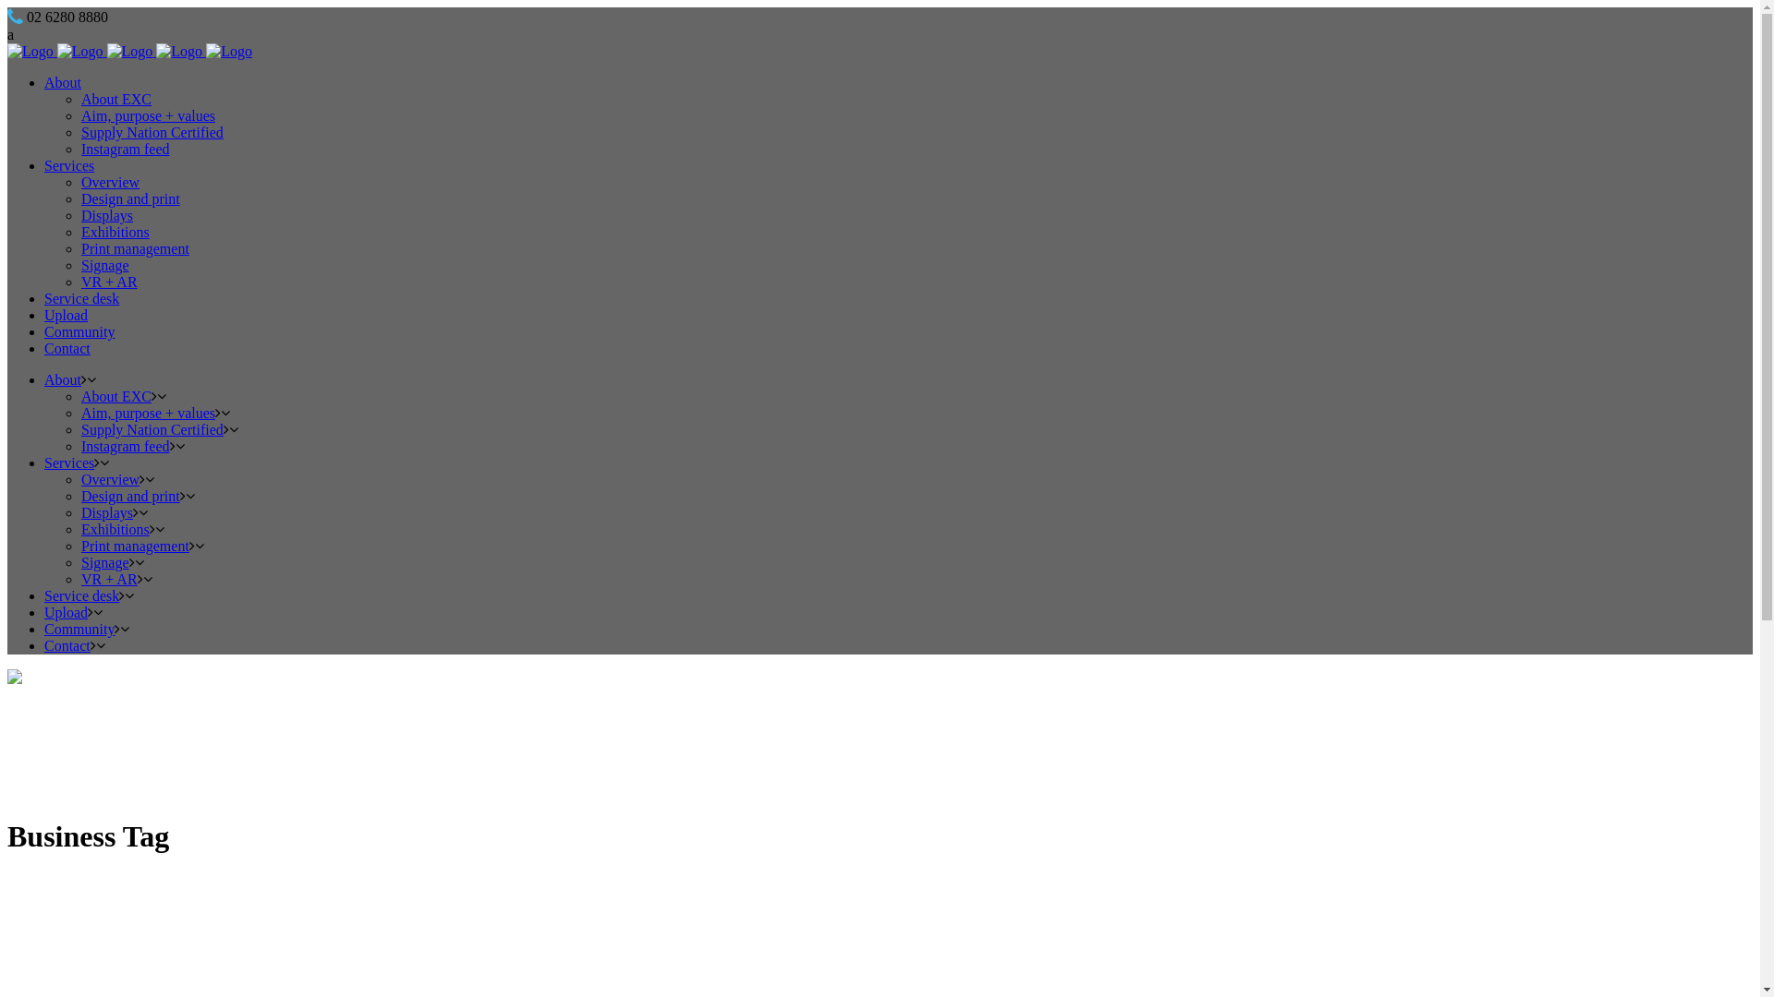  Describe the element at coordinates (79, 512) in the screenshot. I see `'Displays'` at that location.